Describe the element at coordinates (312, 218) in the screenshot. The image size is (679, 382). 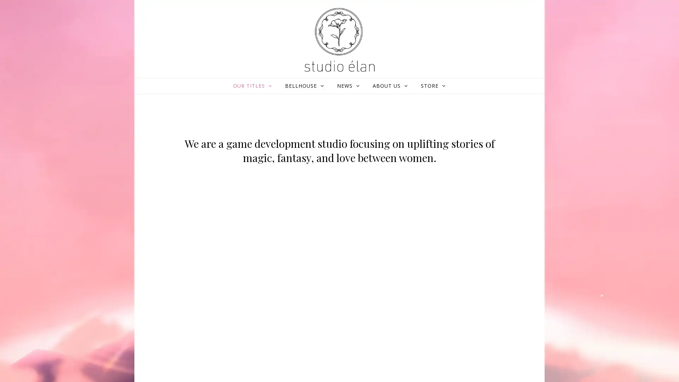
I see `Our Patreon` at that location.